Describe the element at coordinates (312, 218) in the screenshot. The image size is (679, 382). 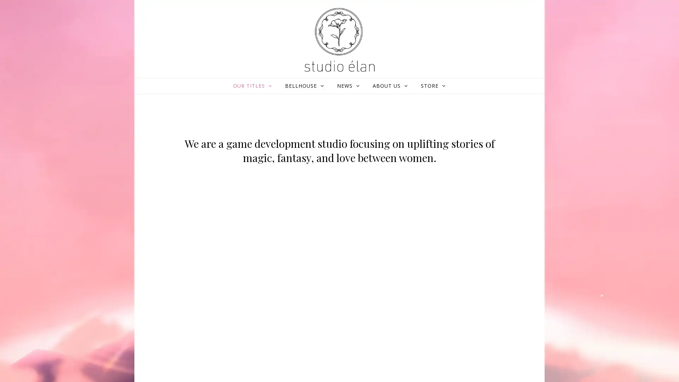
I see `Our Patreon` at that location.